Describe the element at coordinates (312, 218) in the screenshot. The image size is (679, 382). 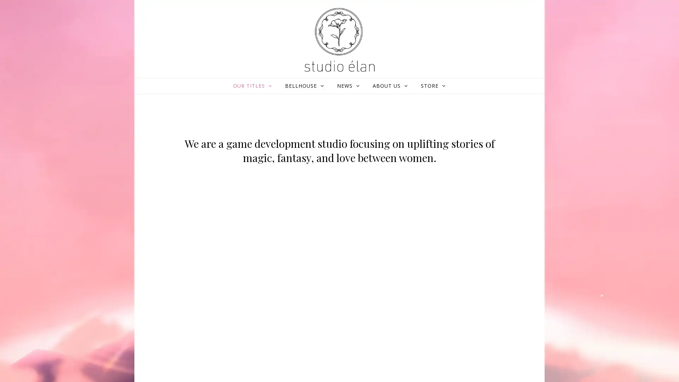
I see `Our Patreon` at that location.